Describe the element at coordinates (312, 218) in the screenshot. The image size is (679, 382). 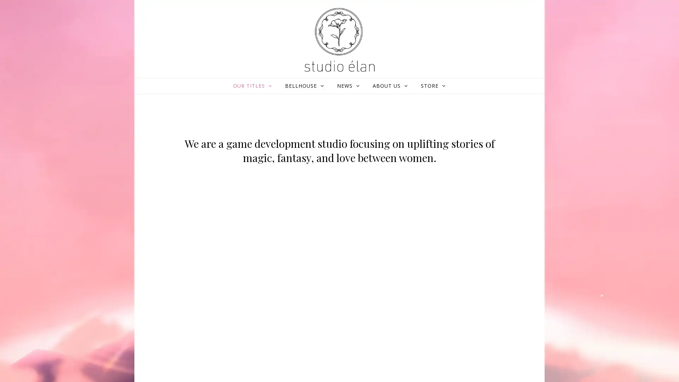
I see `Our Patreon` at that location.